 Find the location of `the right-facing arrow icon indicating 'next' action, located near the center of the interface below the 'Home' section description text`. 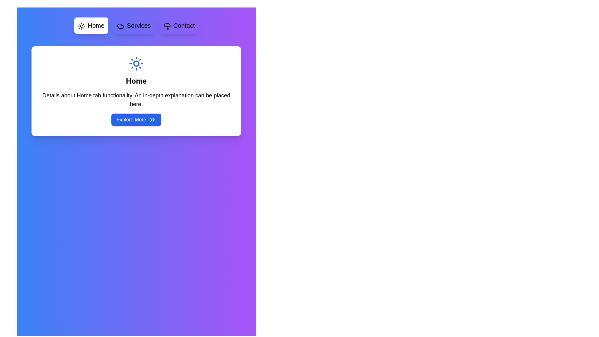

the right-facing arrow icon indicating 'next' action, located near the center of the interface below the 'Home' section description text is located at coordinates (153, 120).